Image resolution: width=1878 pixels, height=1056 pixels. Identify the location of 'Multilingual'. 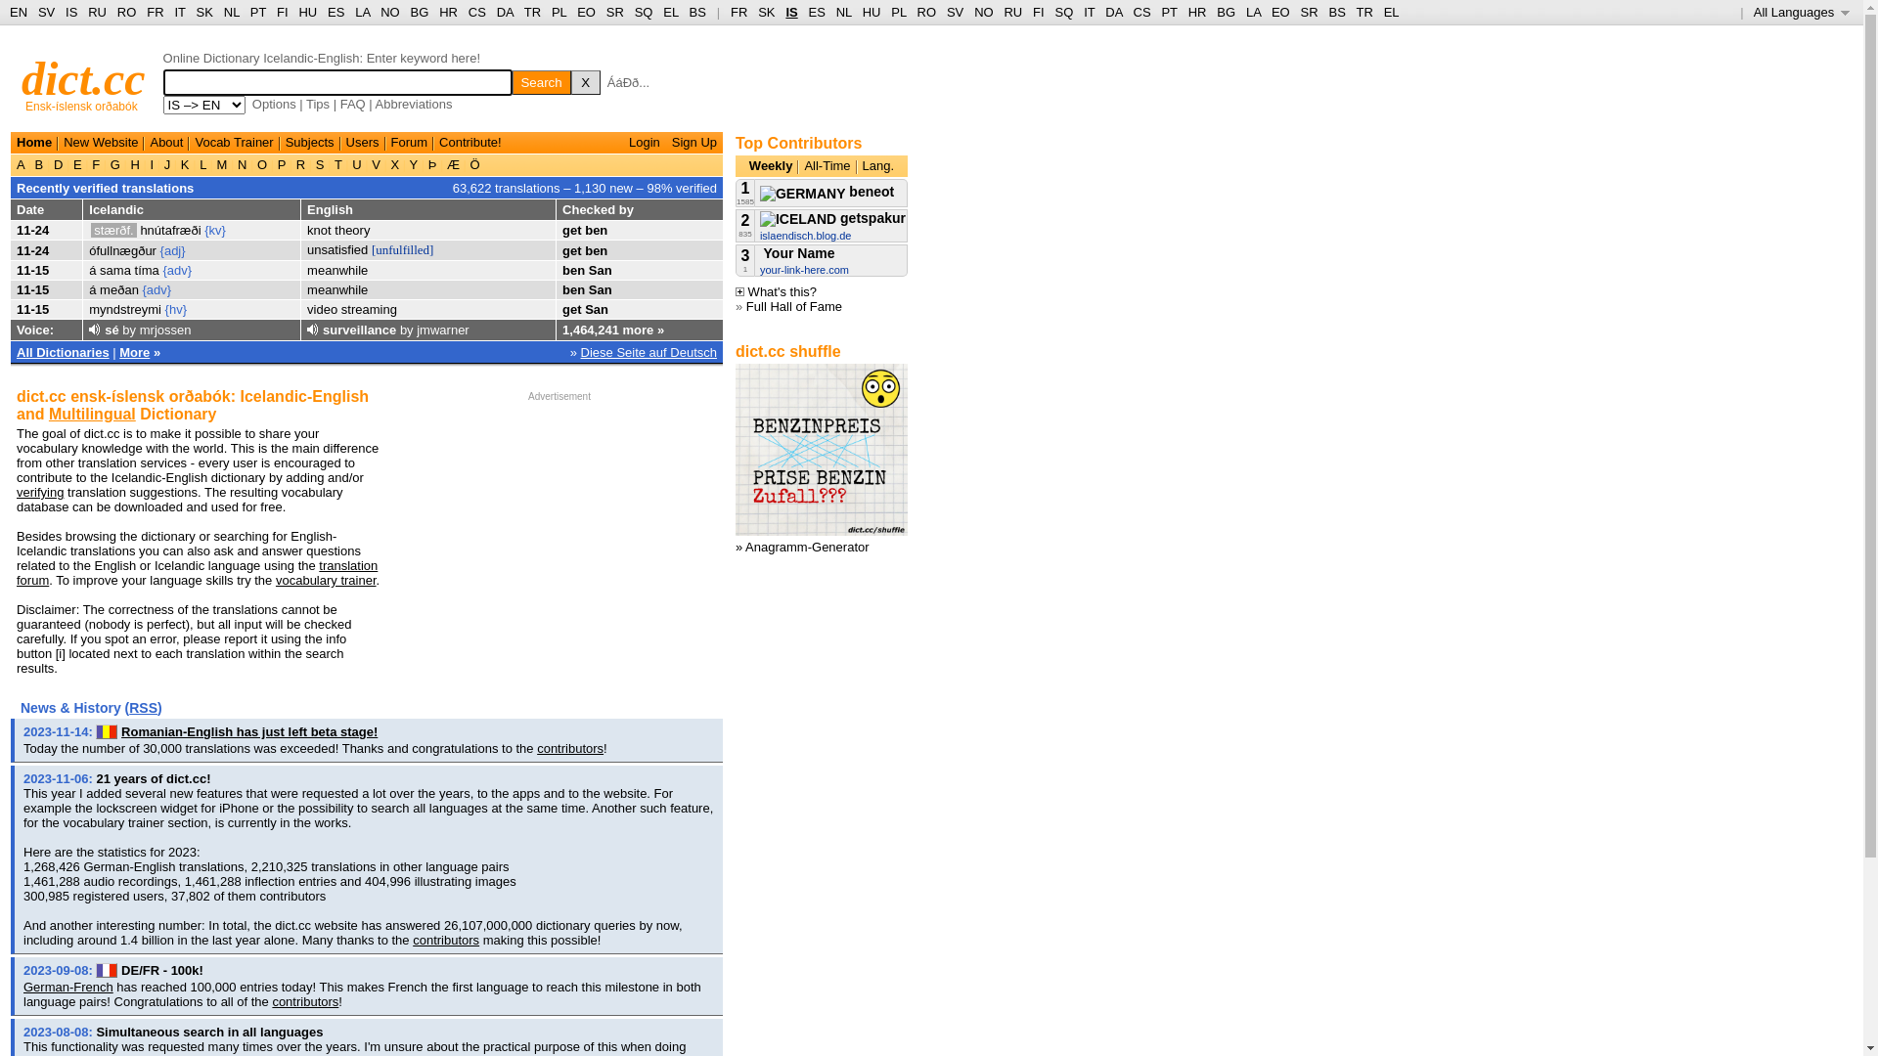
(48, 413).